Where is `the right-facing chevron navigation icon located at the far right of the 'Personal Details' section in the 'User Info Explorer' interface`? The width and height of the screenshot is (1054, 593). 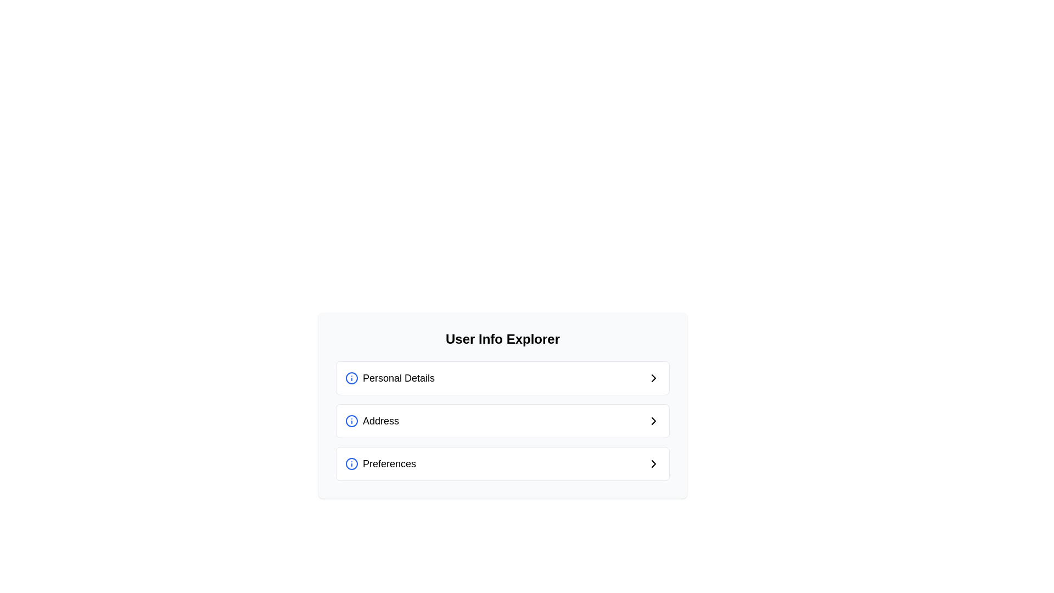 the right-facing chevron navigation icon located at the far right of the 'Personal Details' section in the 'User Info Explorer' interface is located at coordinates (653, 378).